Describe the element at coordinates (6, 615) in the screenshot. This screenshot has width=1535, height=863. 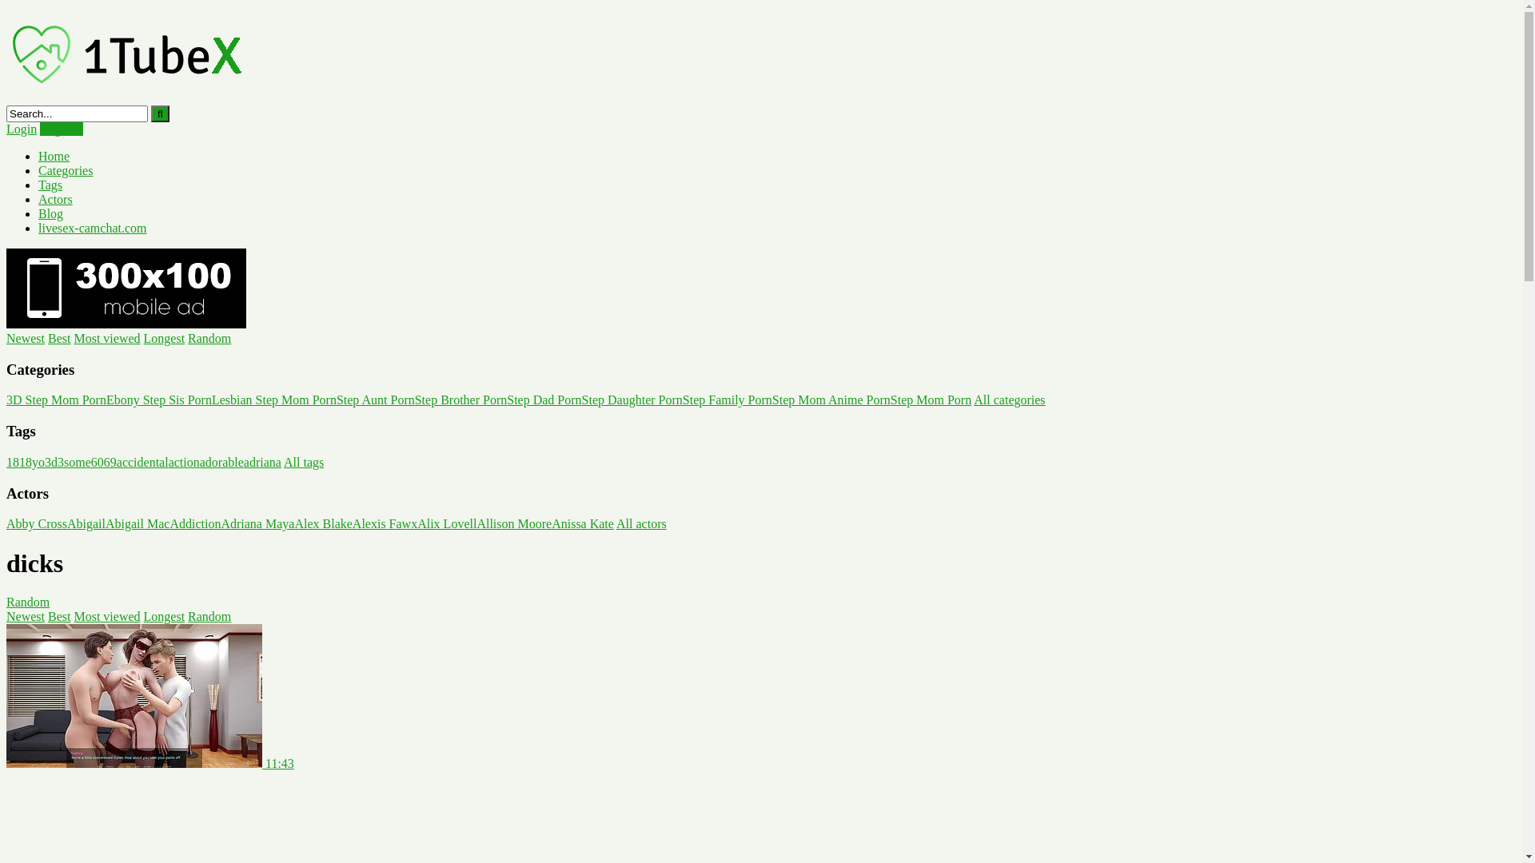
I see `'Newest'` at that location.